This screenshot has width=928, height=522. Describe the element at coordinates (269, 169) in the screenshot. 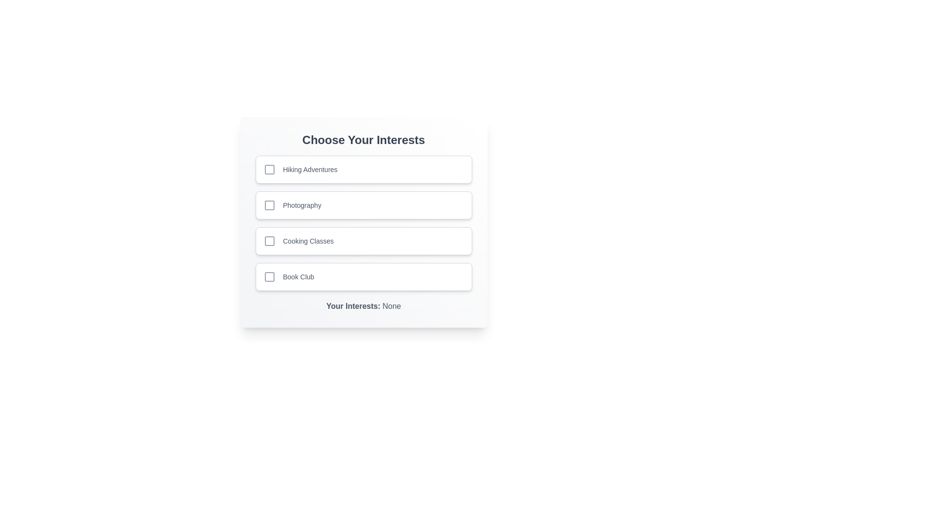

I see `the checkbox for 'Hiking Adventures'` at that location.